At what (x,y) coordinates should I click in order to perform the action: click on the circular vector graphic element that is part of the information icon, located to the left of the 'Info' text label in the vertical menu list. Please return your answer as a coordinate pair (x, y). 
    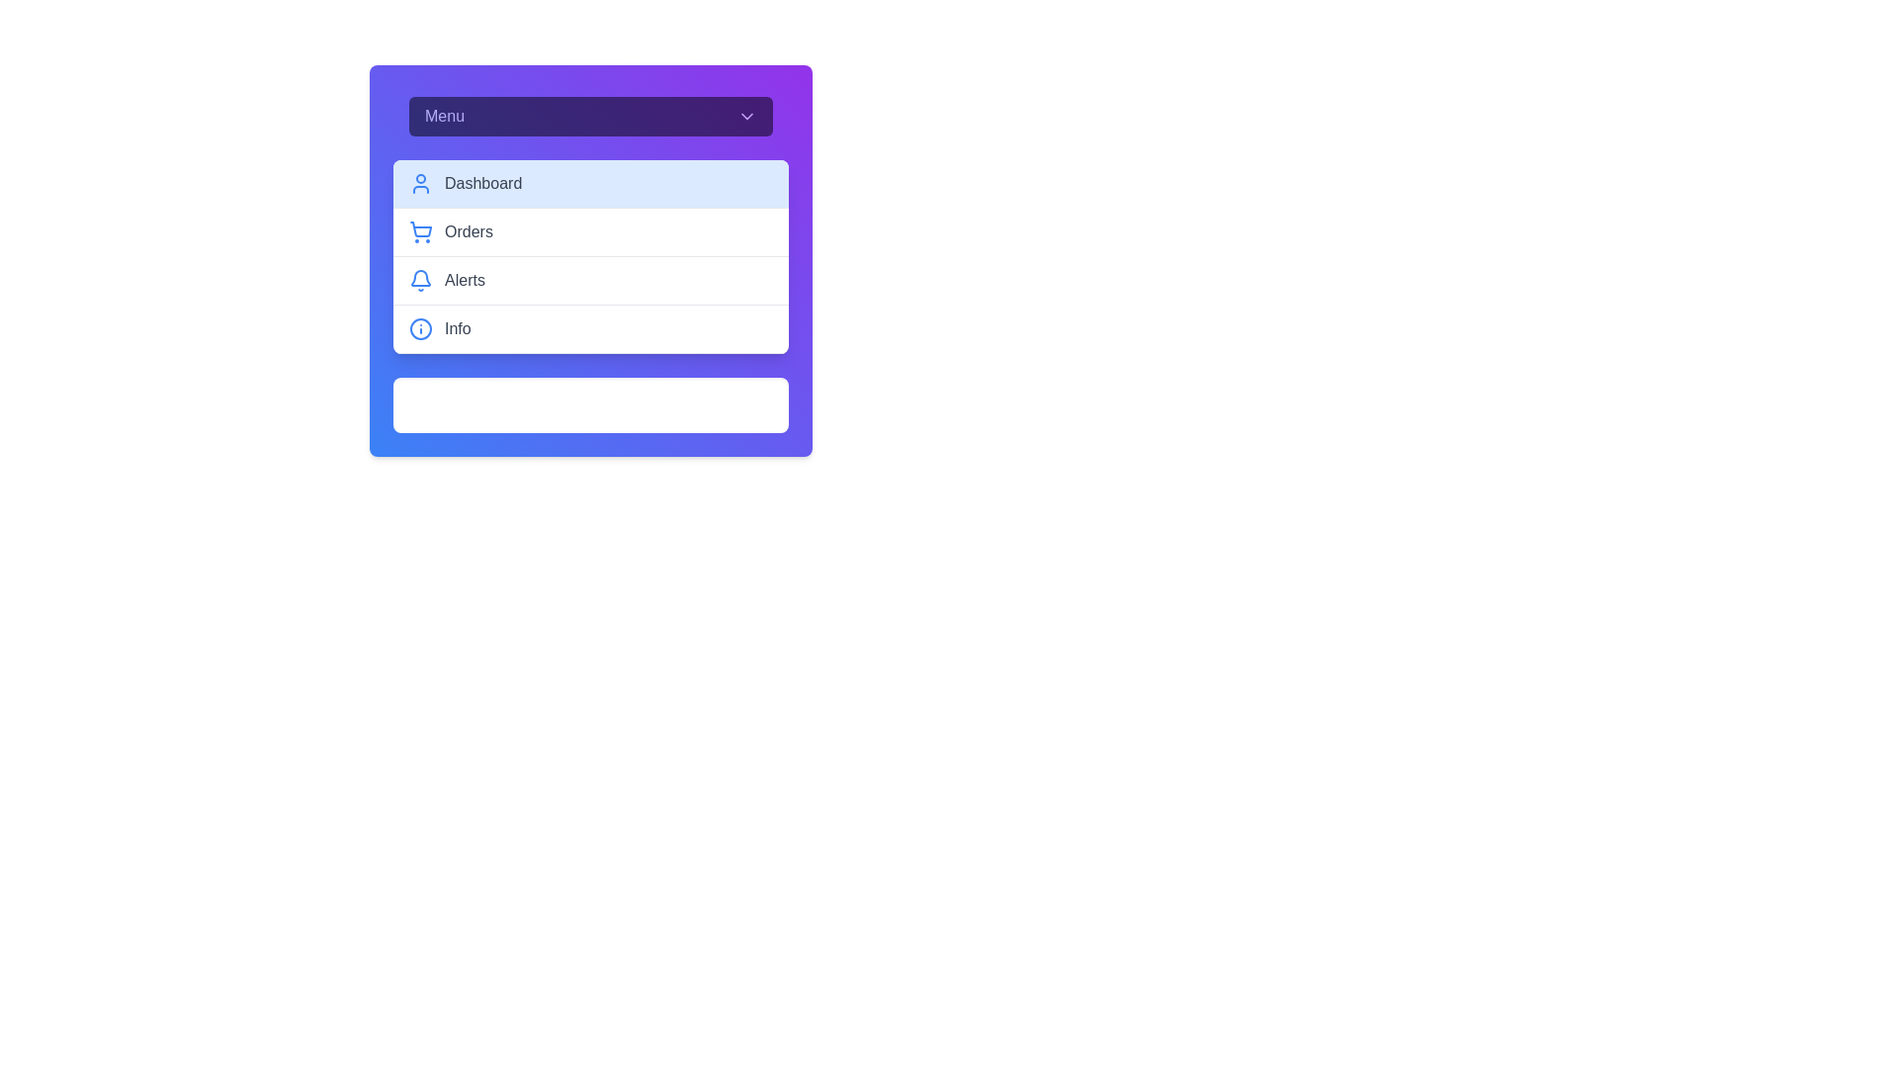
    Looking at the image, I should click on (420, 327).